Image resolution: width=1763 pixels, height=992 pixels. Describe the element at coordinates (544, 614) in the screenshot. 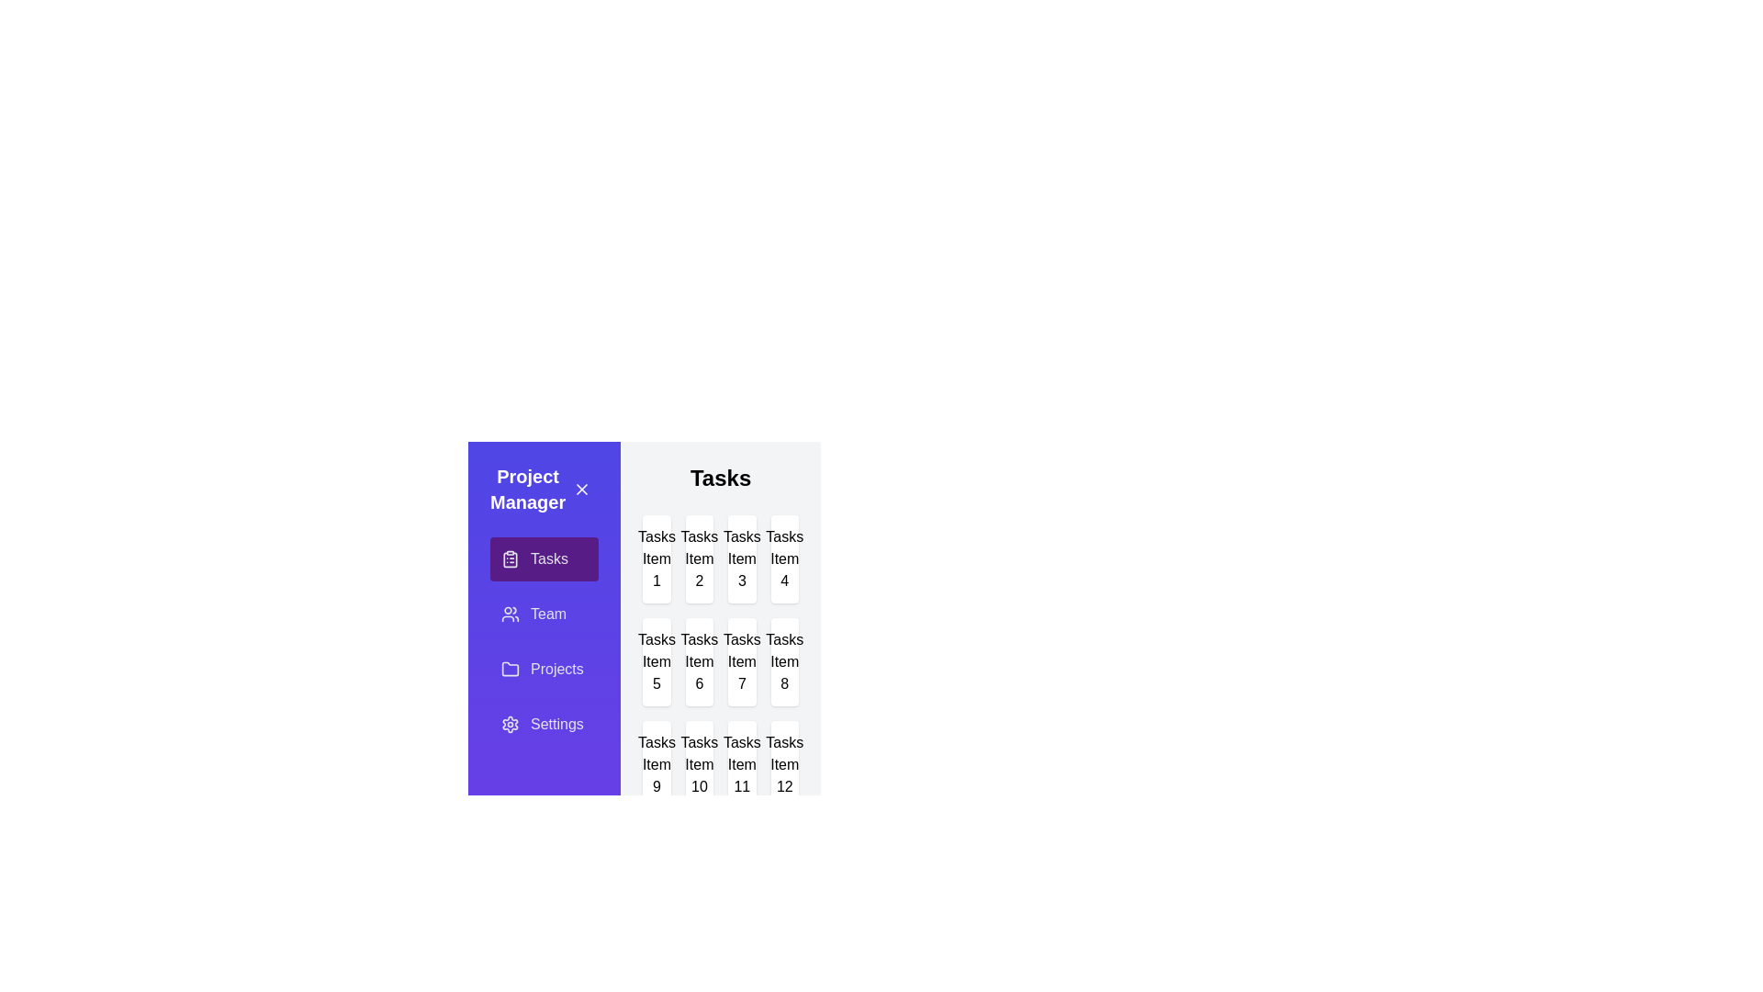

I see `the Team tab by clicking on it` at that location.